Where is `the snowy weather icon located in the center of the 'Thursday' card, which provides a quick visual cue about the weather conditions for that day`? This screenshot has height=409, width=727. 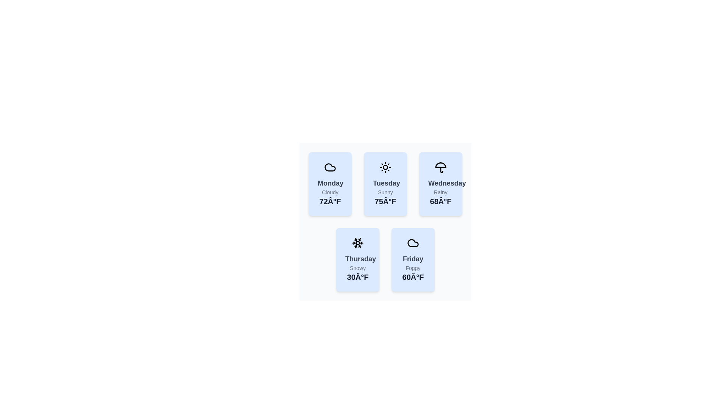
the snowy weather icon located in the center of the 'Thursday' card, which provides a quick visual cue about the weather conditions for that day is located at coordinates (357, 243).